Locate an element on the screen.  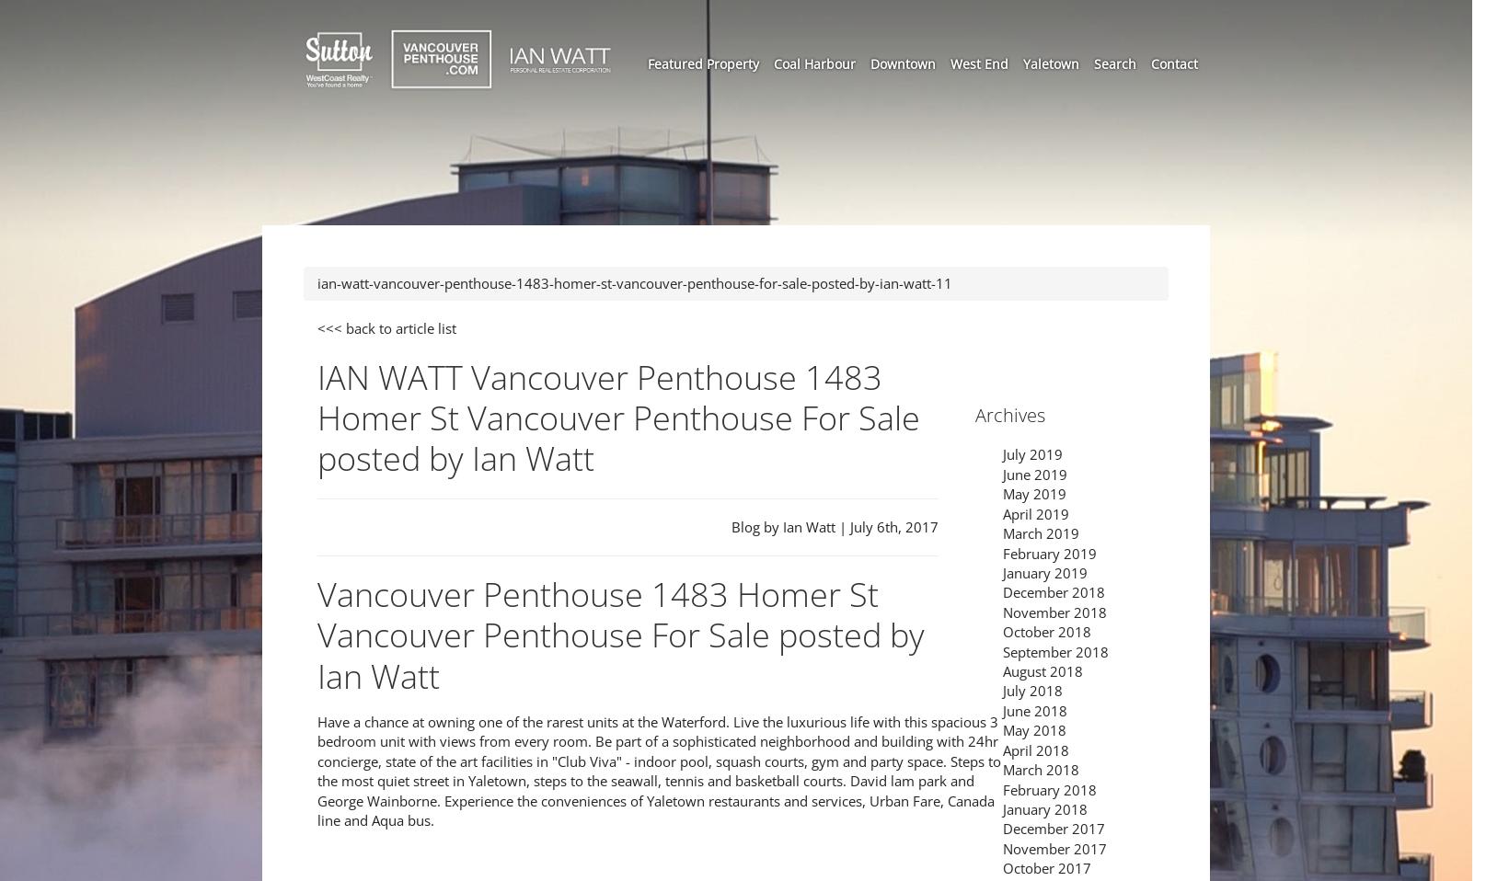
'Yaletown' is located at coordinates (1051, 63).